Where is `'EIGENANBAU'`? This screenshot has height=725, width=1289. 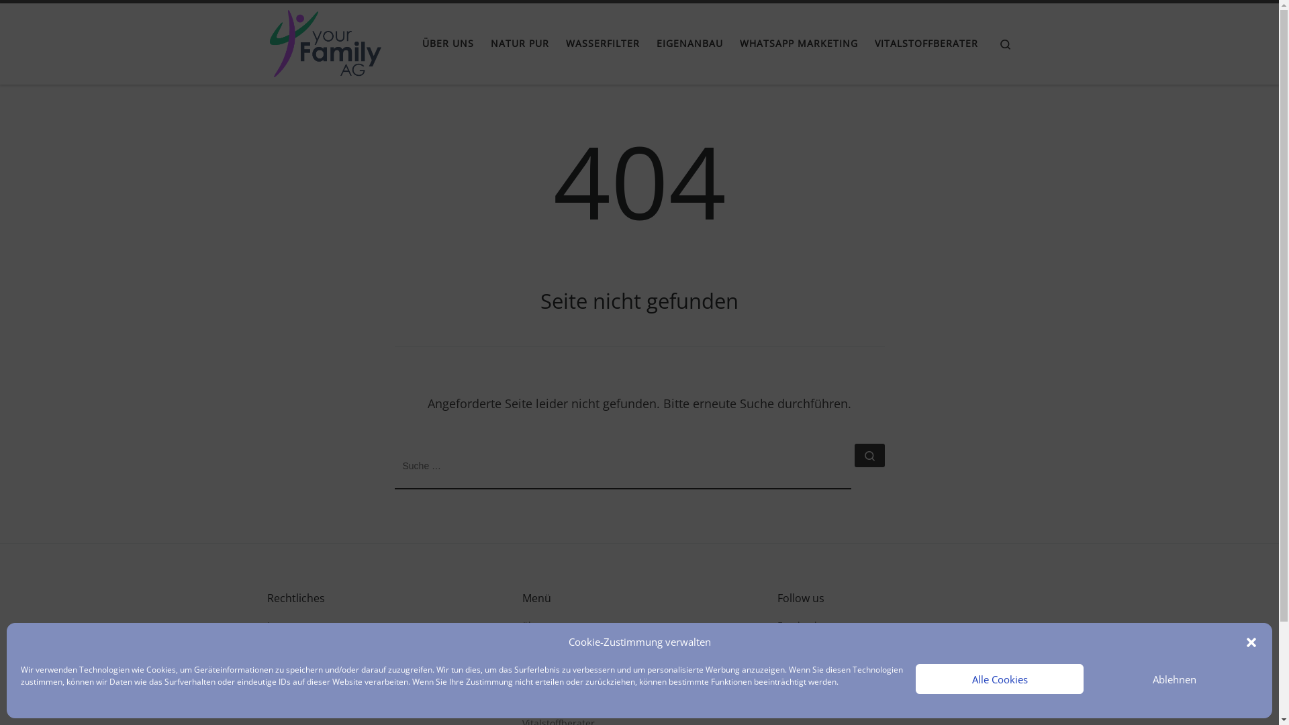
'EIGENANBAU' is located at coordinates (689, 43).